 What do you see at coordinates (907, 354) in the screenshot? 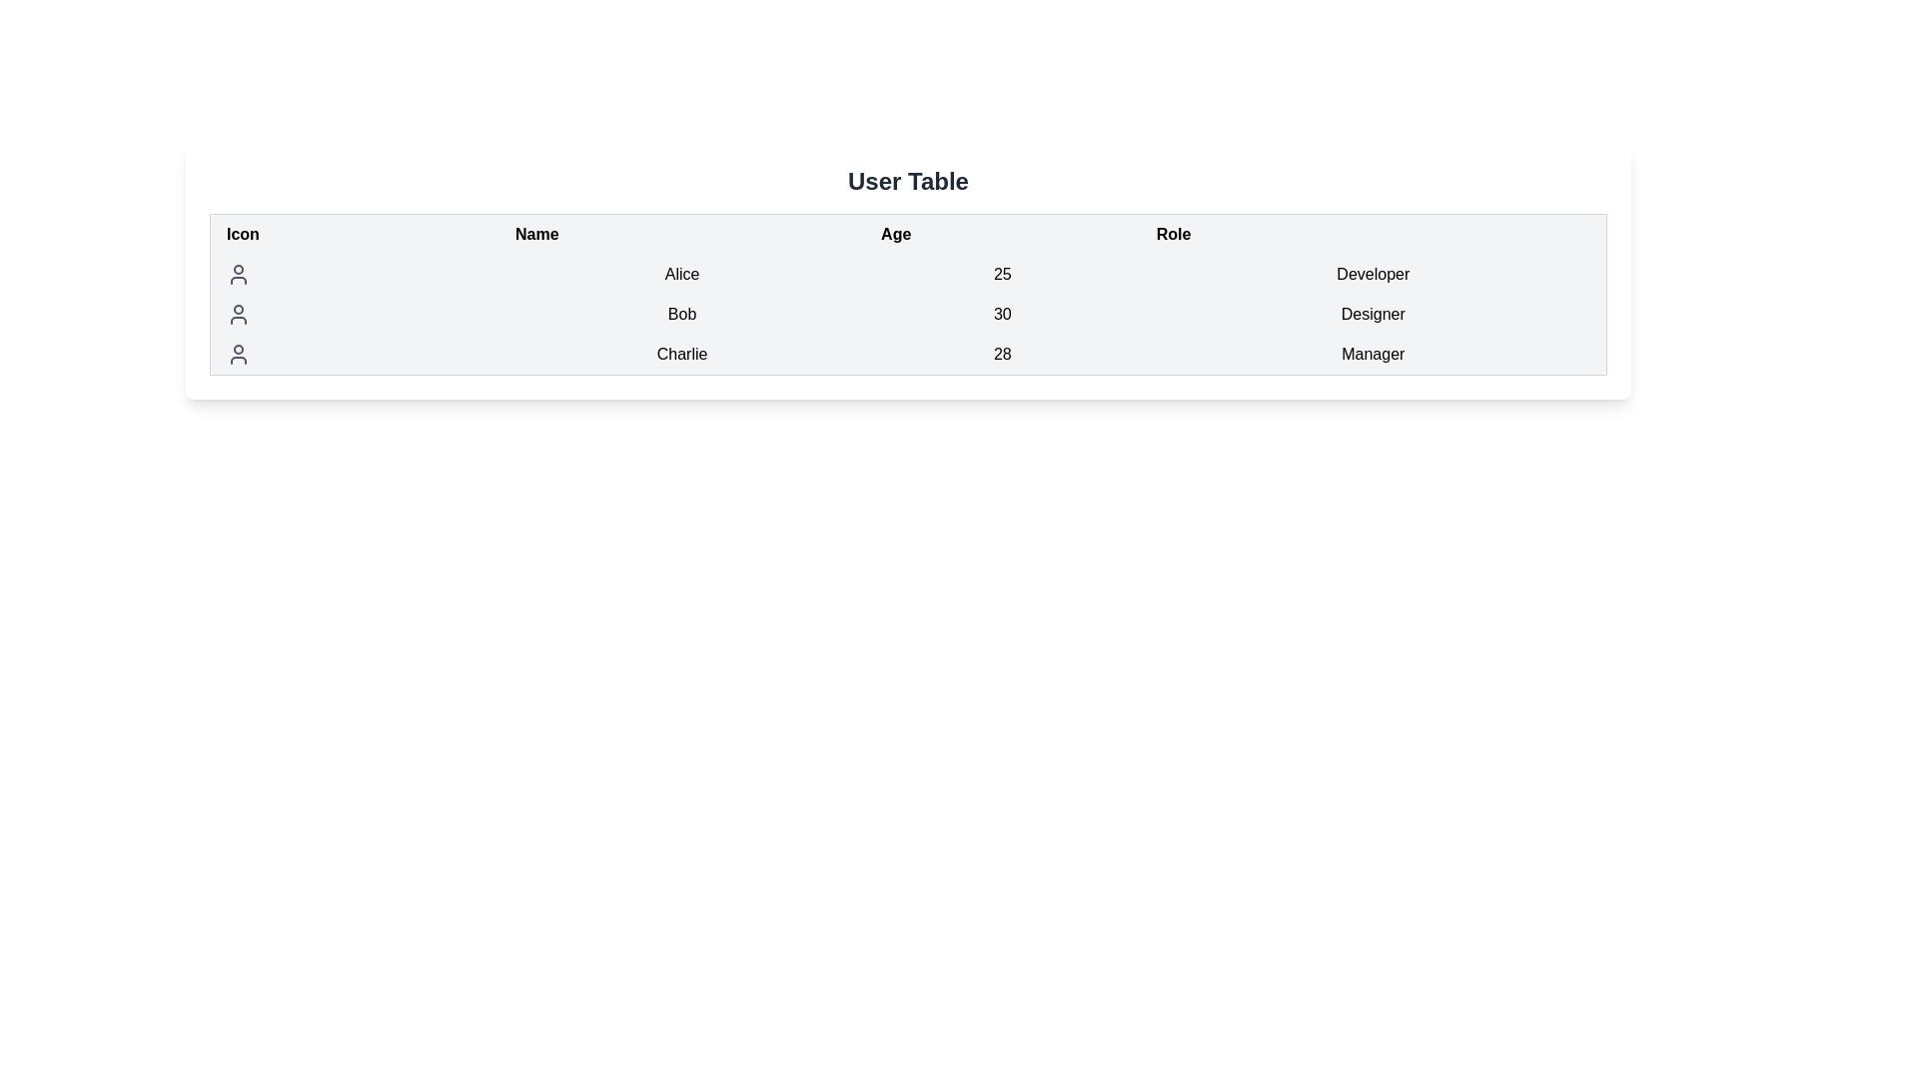
I see `the third row of the user details table representing the user named Charlie, which displays his name, age, and role` at bounding box center [907, 354].